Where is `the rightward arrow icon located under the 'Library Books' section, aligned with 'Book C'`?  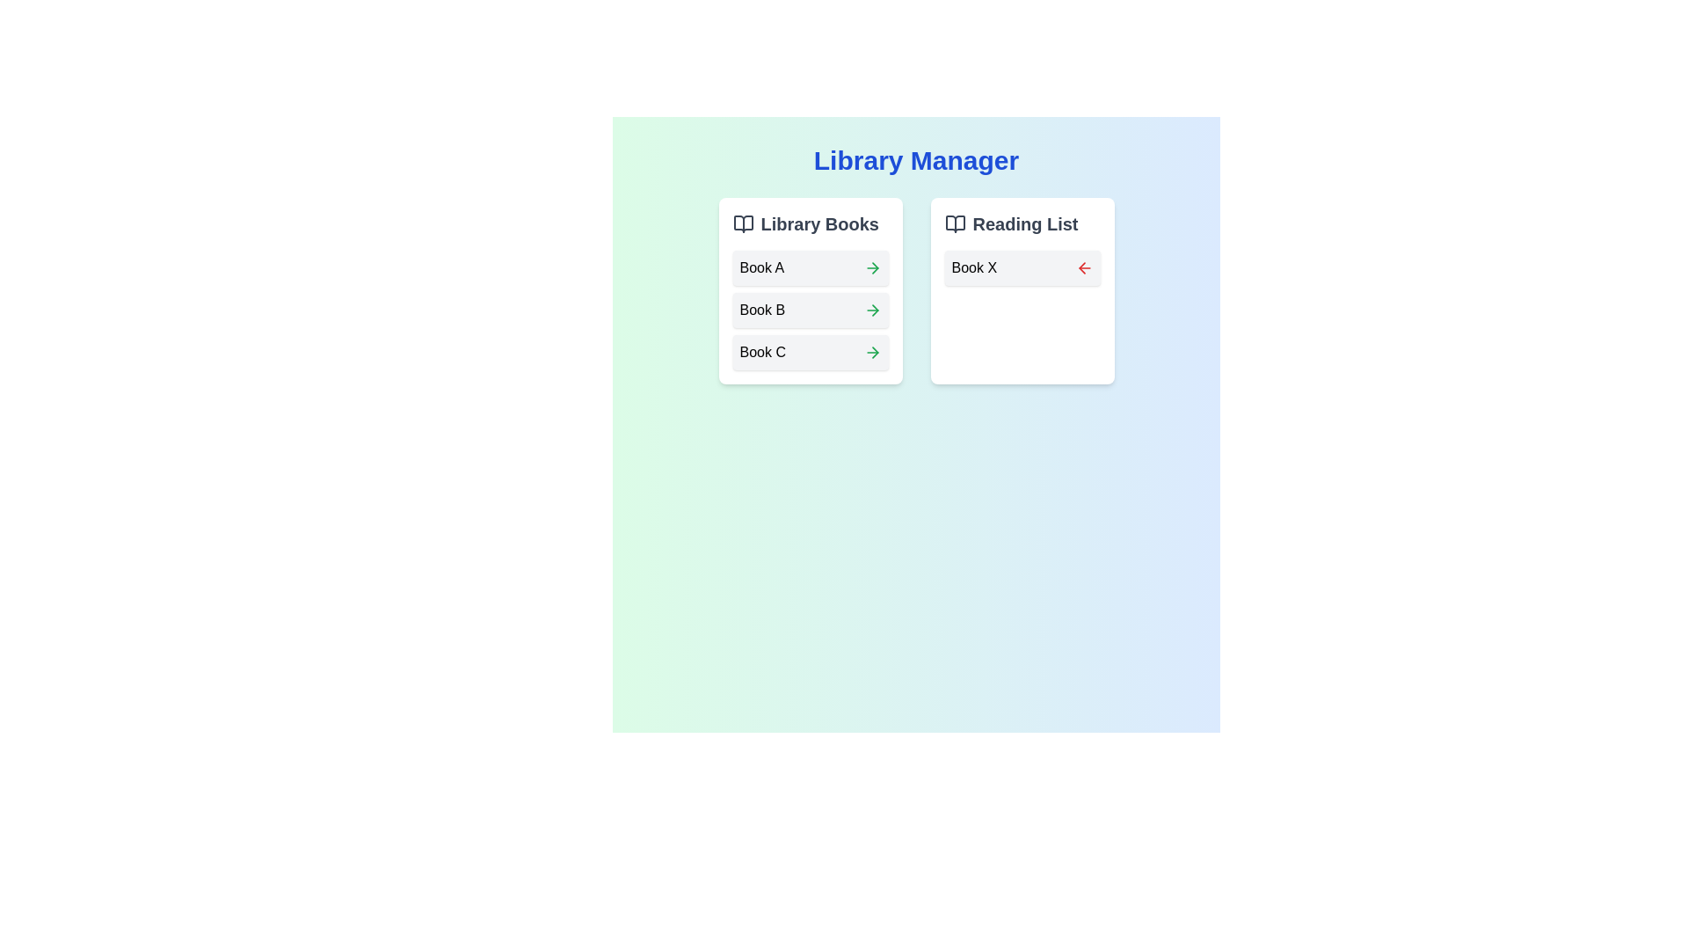
the rightward arrow icon located under the 'Library Books' section, aligned with 'Book C' is located at coordinates (875, 267).